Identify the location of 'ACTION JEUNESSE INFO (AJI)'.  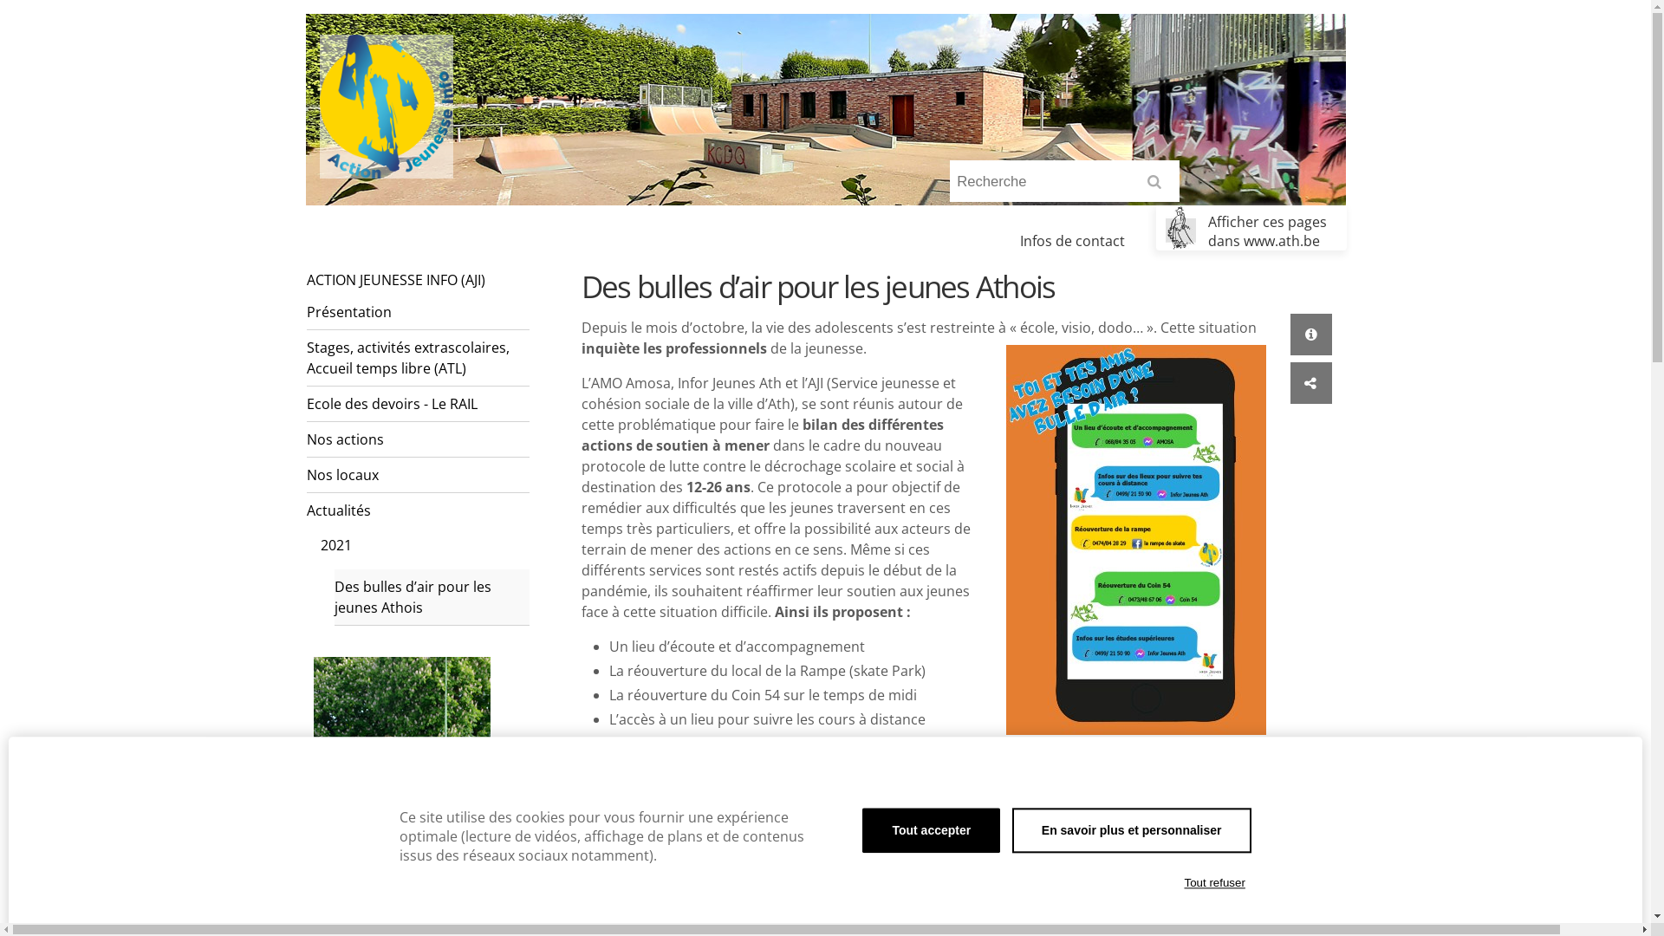
(417, 279).